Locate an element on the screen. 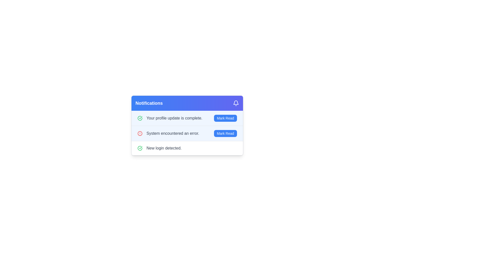 The height and width of the screenshot is (270, 480). the notification description stating 'System encountered an error' is located at coordinates (187, 133).